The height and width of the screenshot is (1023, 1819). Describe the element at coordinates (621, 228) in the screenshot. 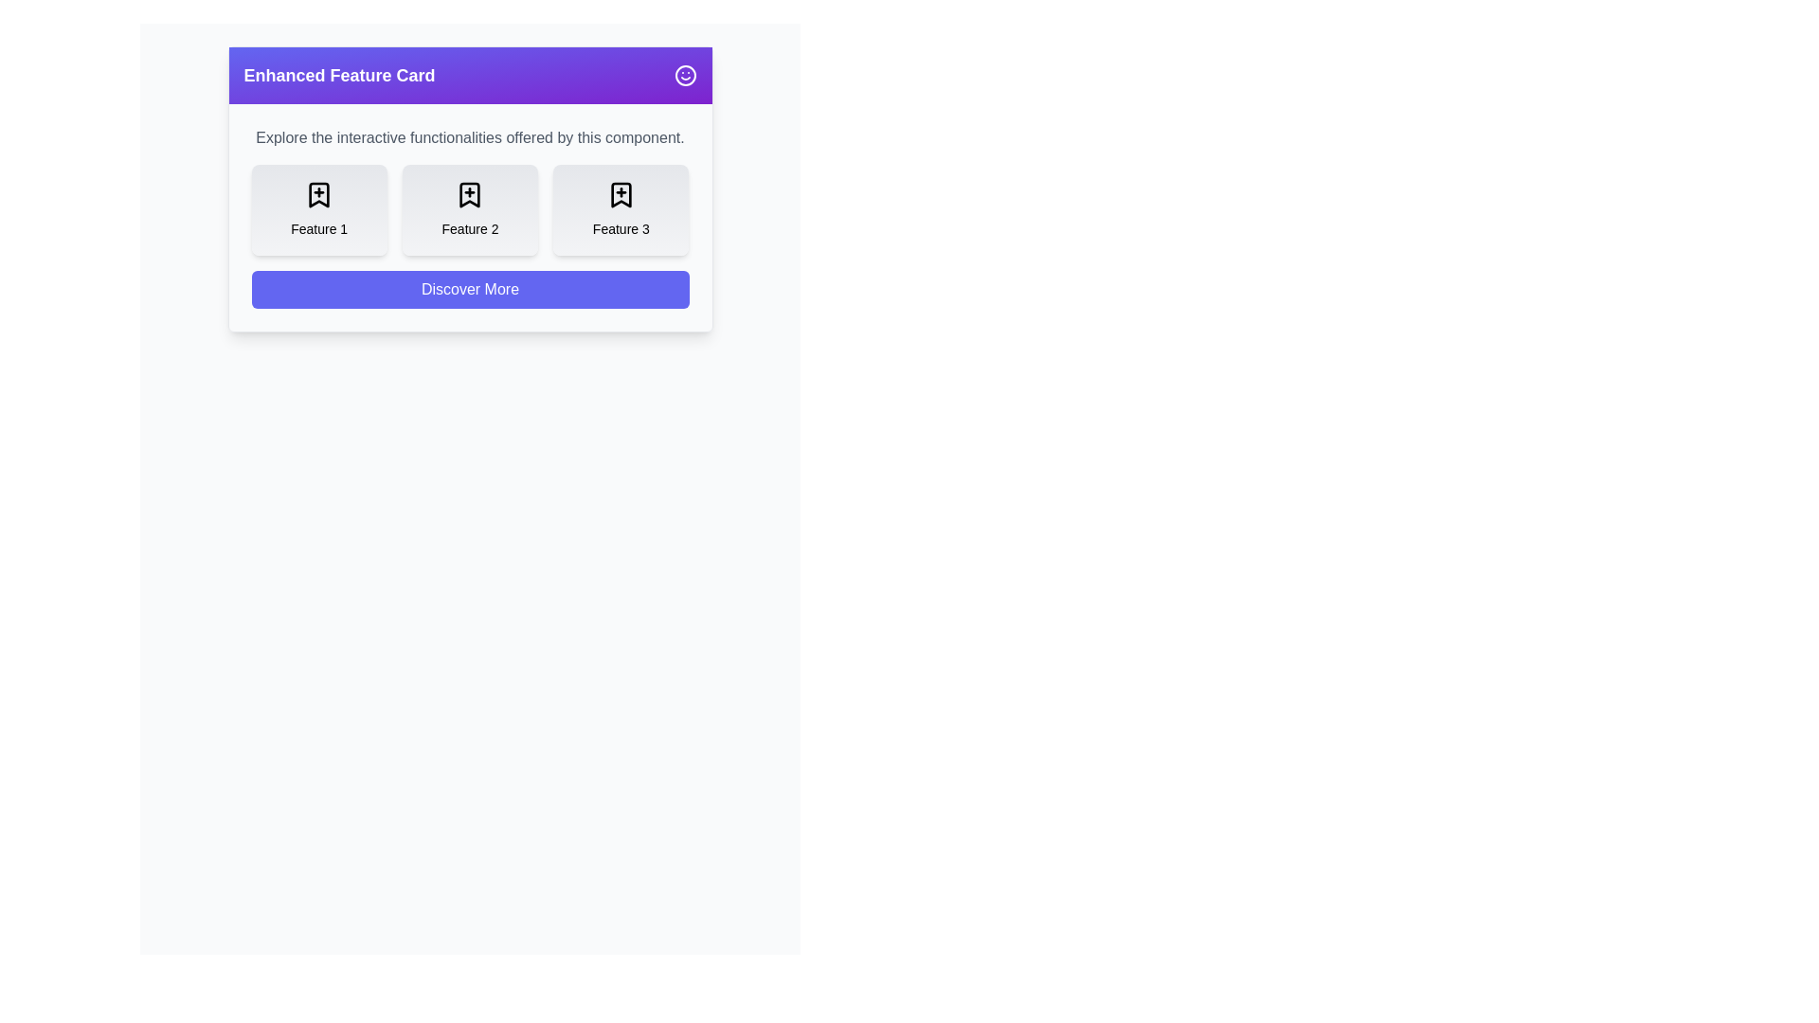

I see `the text label that identifies 'Feature 3', located at the bottom center of the third feature card in a horizontal series` at that location.